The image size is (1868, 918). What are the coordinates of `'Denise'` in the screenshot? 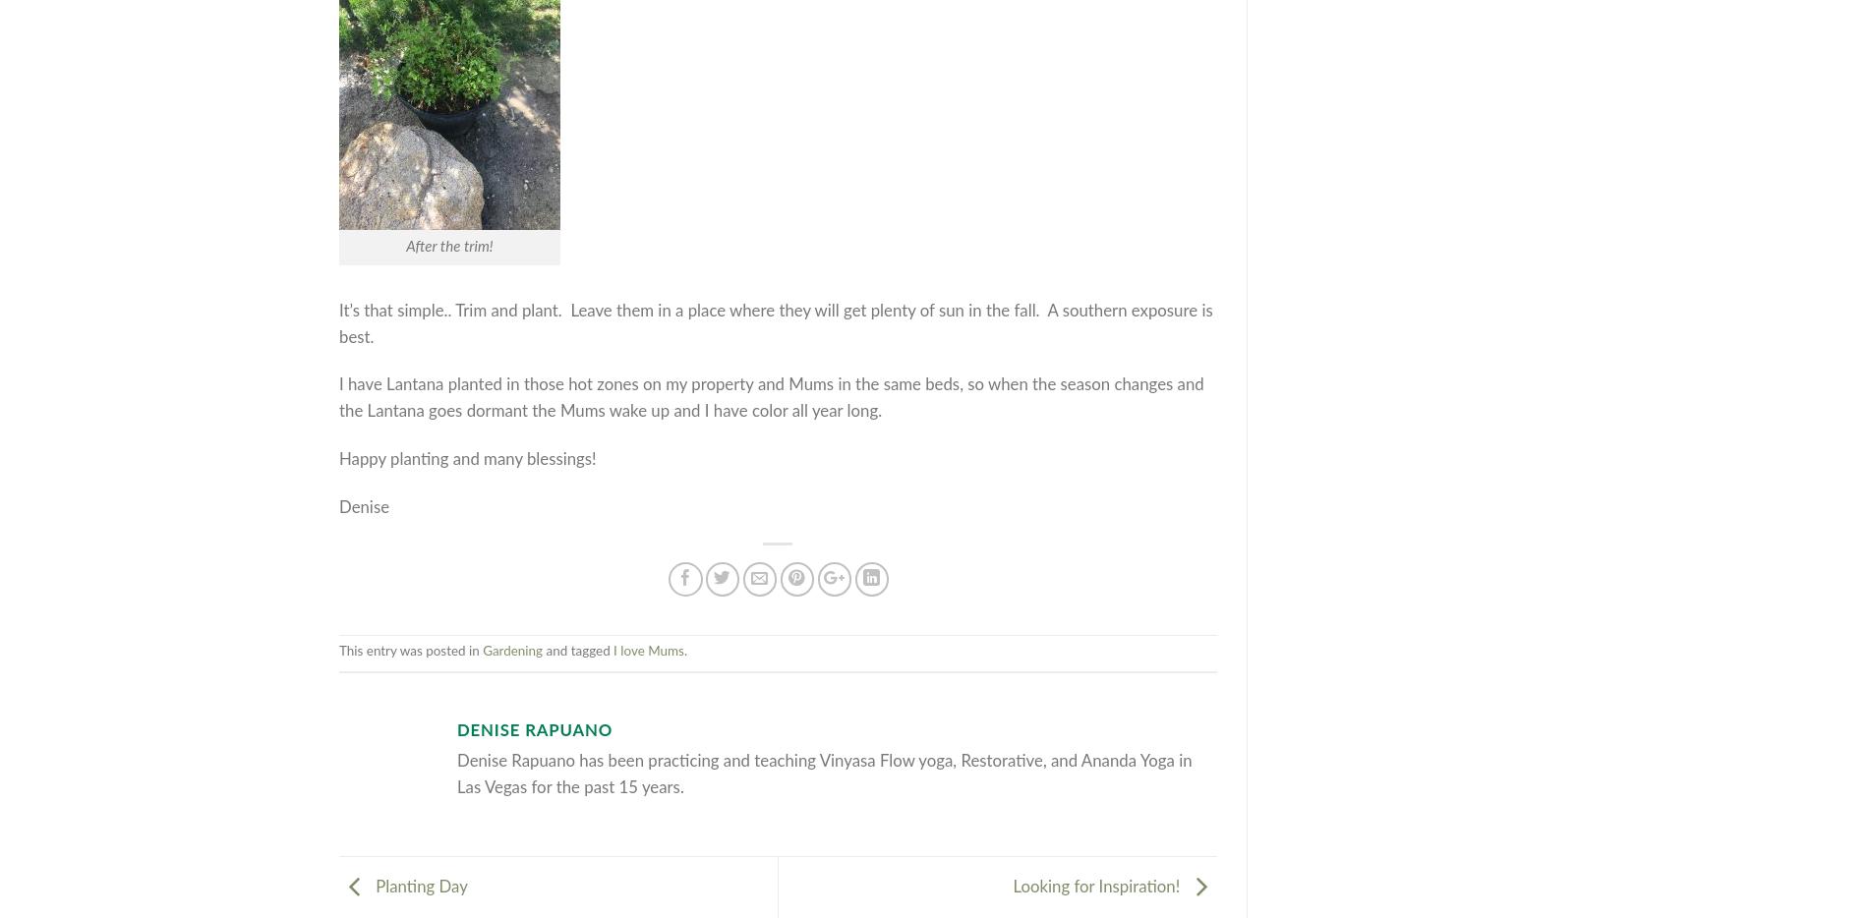 It's located at (363, 506).